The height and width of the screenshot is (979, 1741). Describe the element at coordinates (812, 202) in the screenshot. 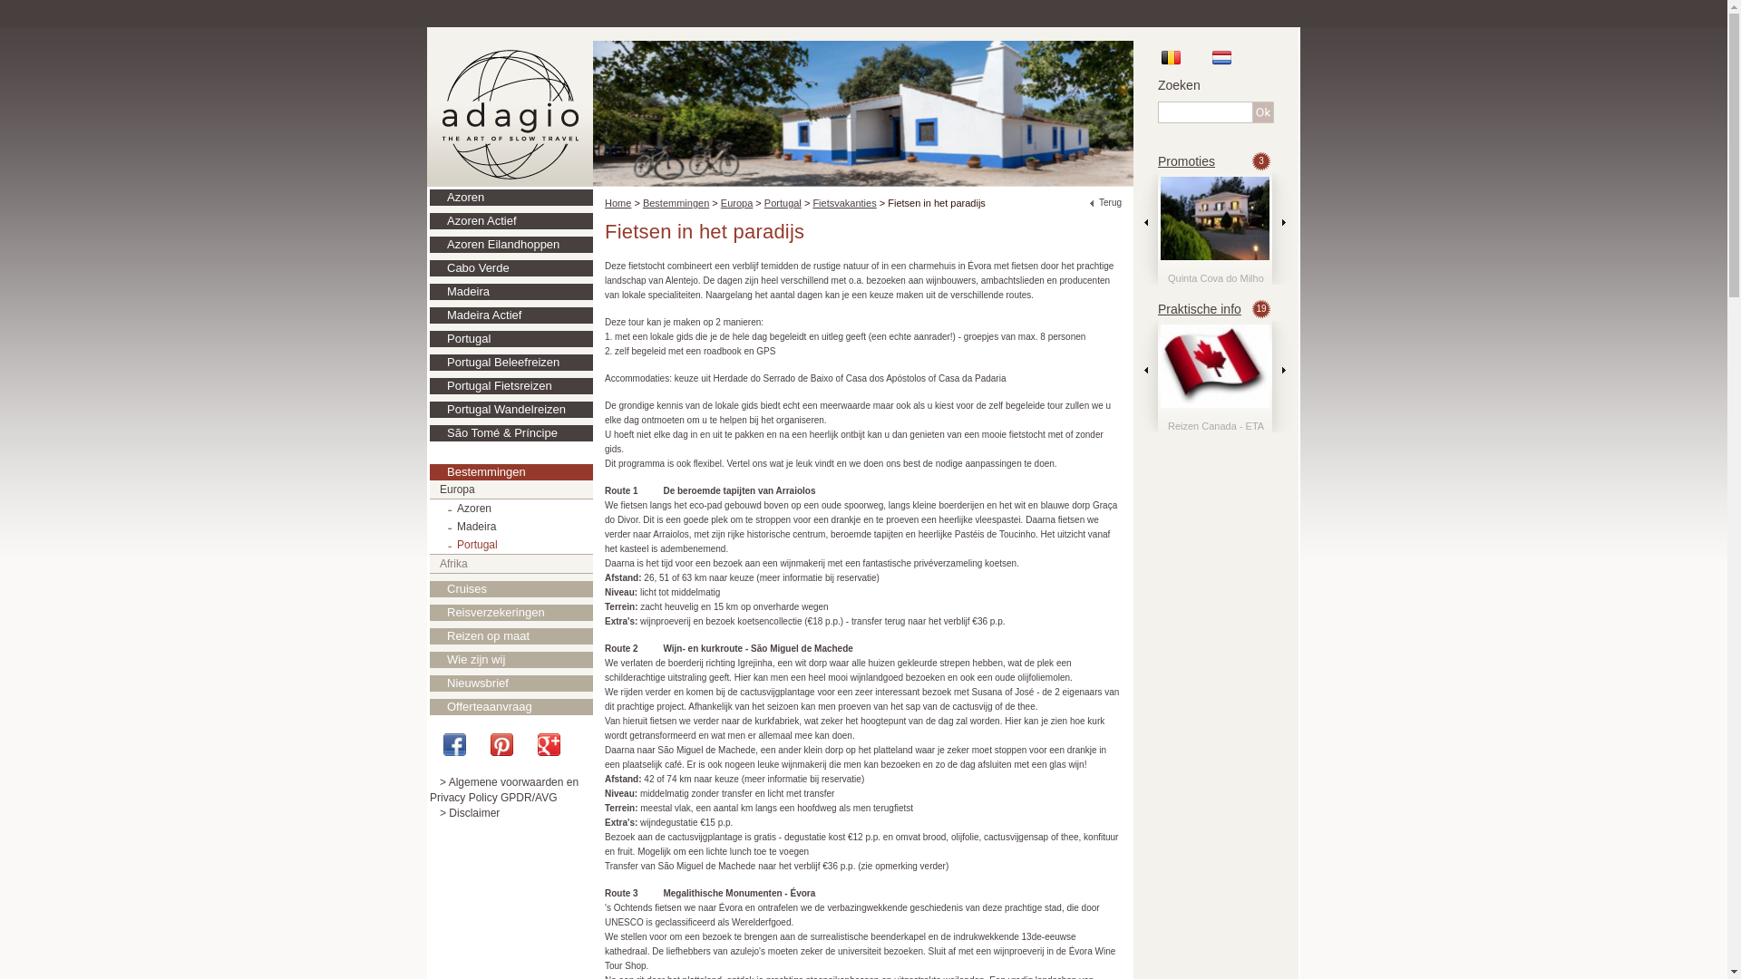

I see `'Fietsvakanties'` at that location.